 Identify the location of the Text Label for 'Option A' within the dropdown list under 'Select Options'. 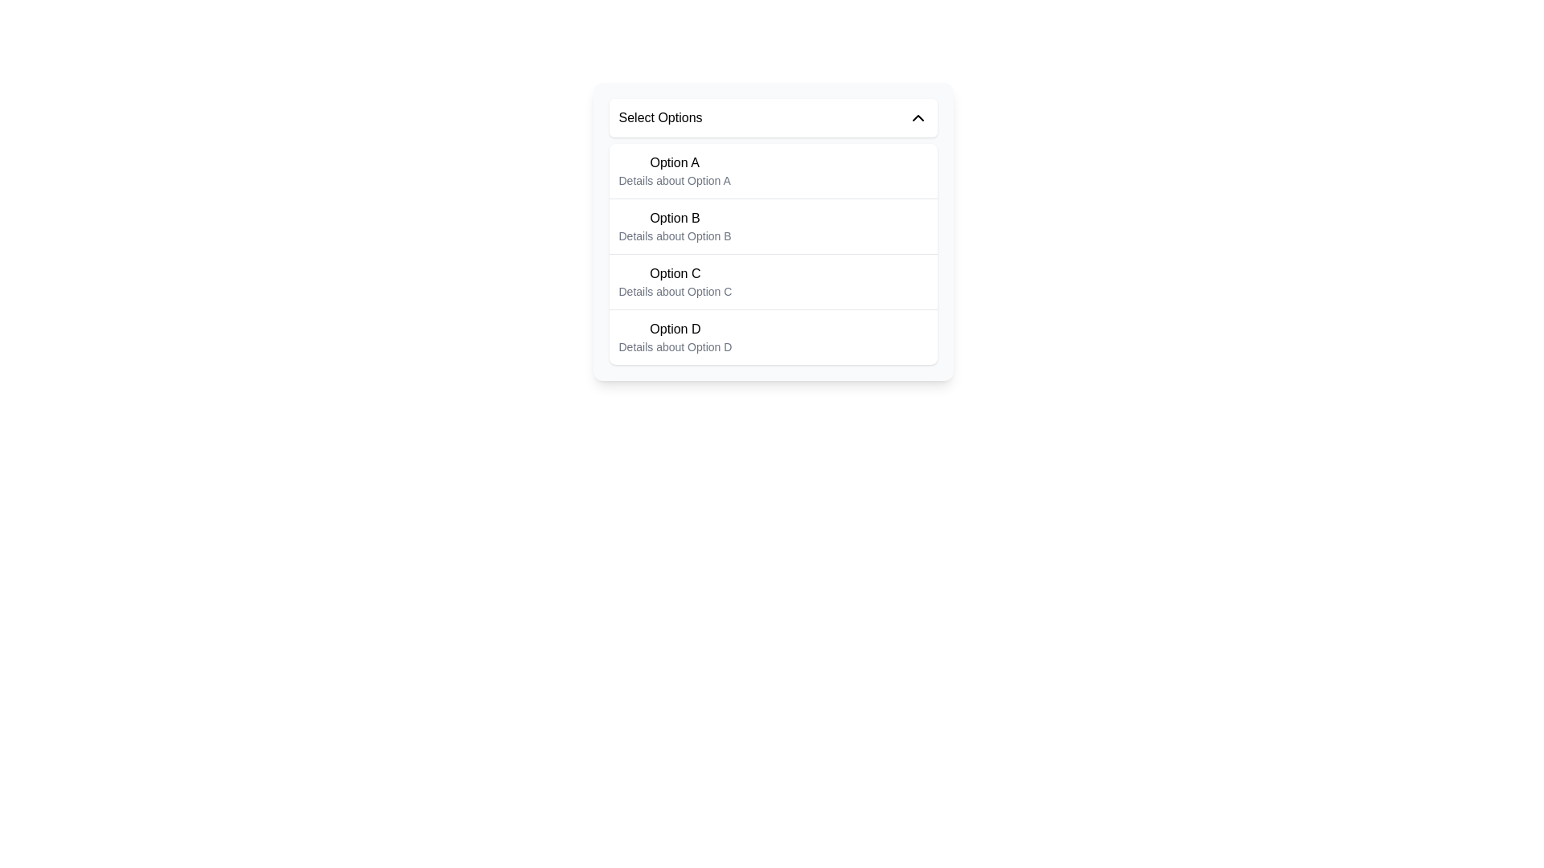
(675, 163).